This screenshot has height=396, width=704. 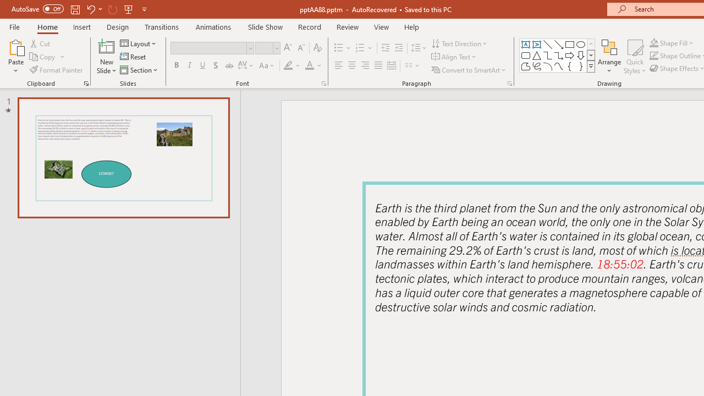 I want to click on 'Align Left', so click(x=338, y=65).